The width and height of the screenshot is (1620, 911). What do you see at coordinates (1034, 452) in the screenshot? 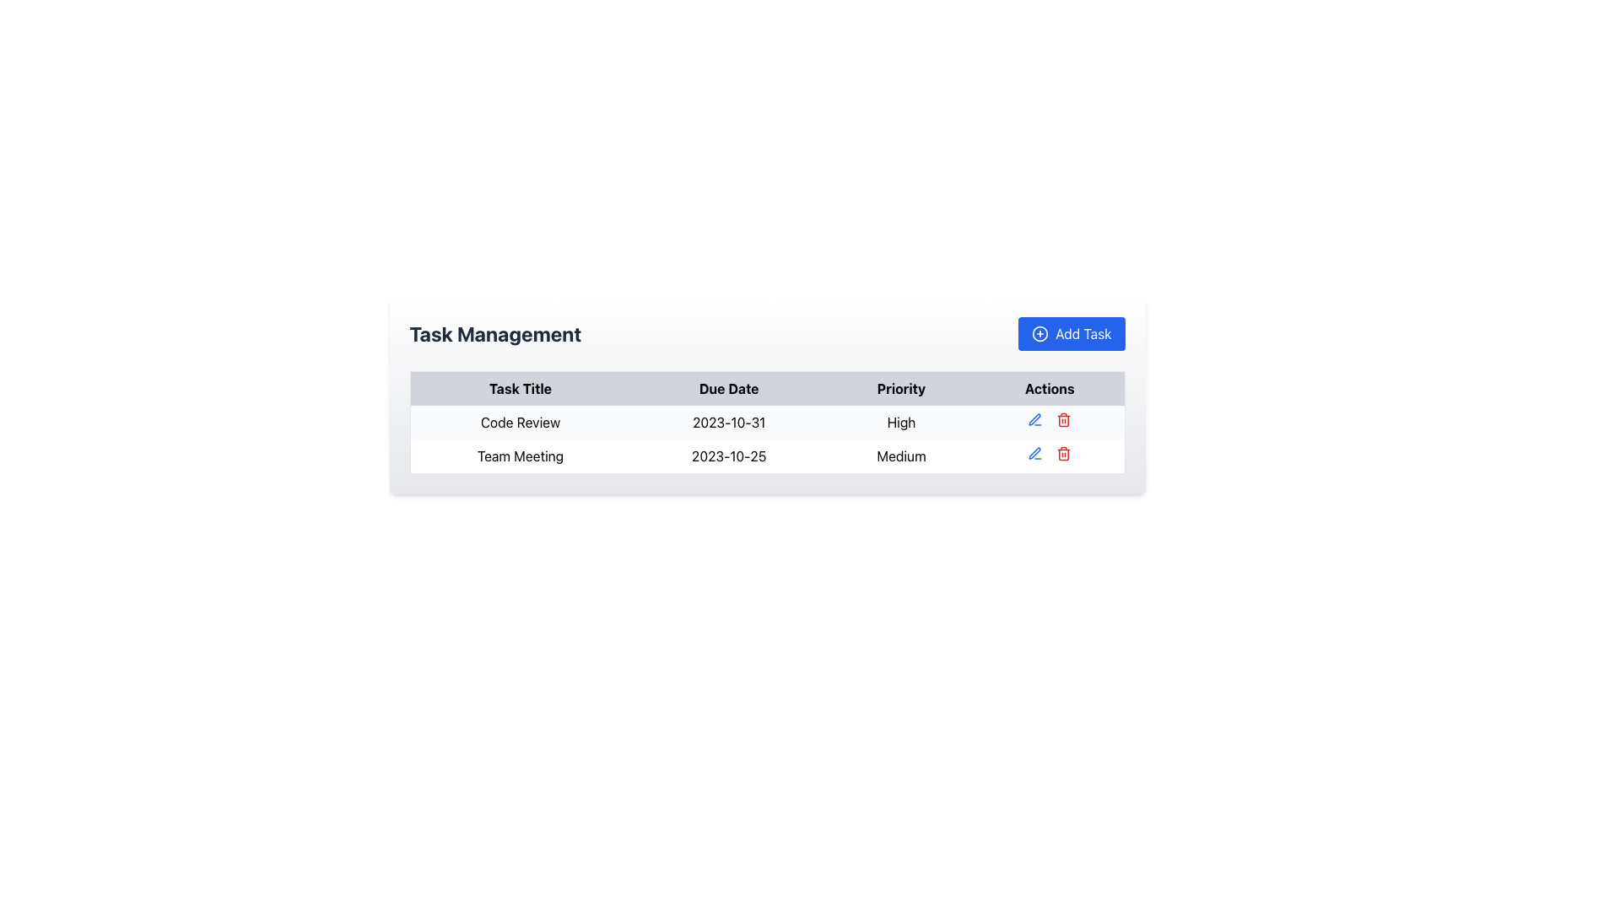
I see `the edit pen icon in the 'Actions' column for the 'Code Review' task` at bounding box center [1034, 452].